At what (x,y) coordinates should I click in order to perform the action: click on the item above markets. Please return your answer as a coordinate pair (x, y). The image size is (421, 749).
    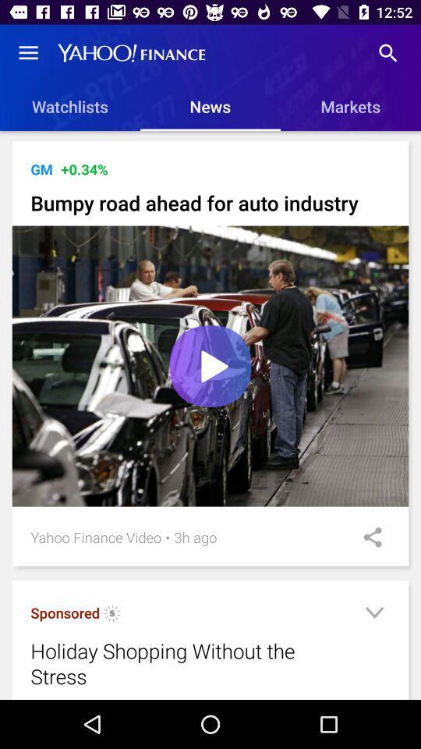
    Looking at the image, I should click on (387, 53).